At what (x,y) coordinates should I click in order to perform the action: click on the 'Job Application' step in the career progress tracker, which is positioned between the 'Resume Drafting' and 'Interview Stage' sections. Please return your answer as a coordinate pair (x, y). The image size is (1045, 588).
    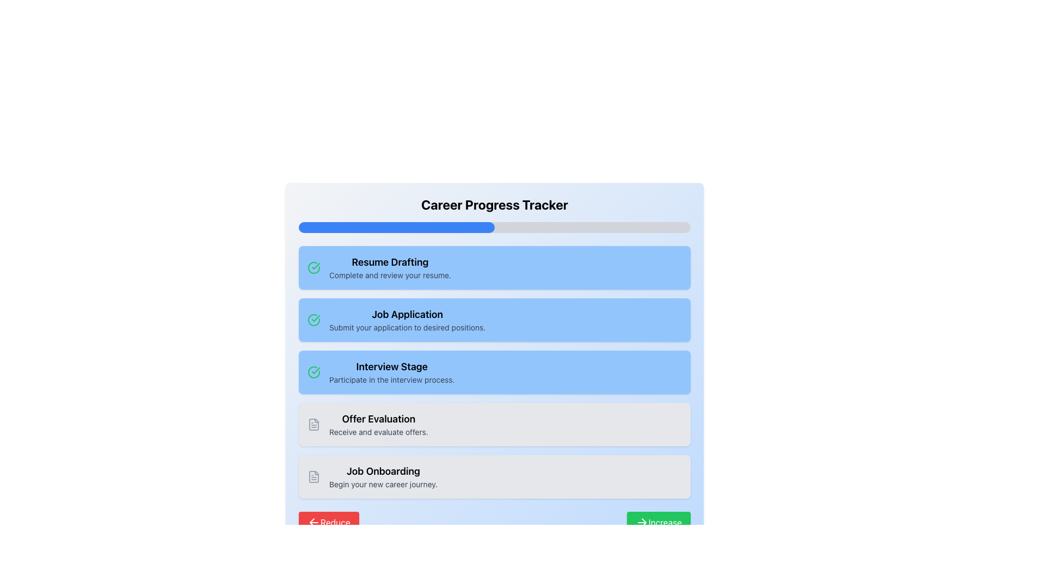
    Looking at the image, I should click on (407, 319).